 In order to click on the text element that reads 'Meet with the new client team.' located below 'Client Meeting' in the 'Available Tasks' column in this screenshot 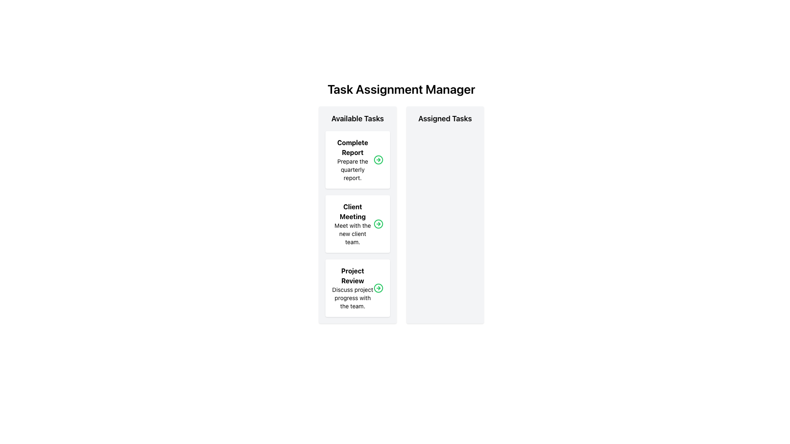, I will do `click(353, 234)`.